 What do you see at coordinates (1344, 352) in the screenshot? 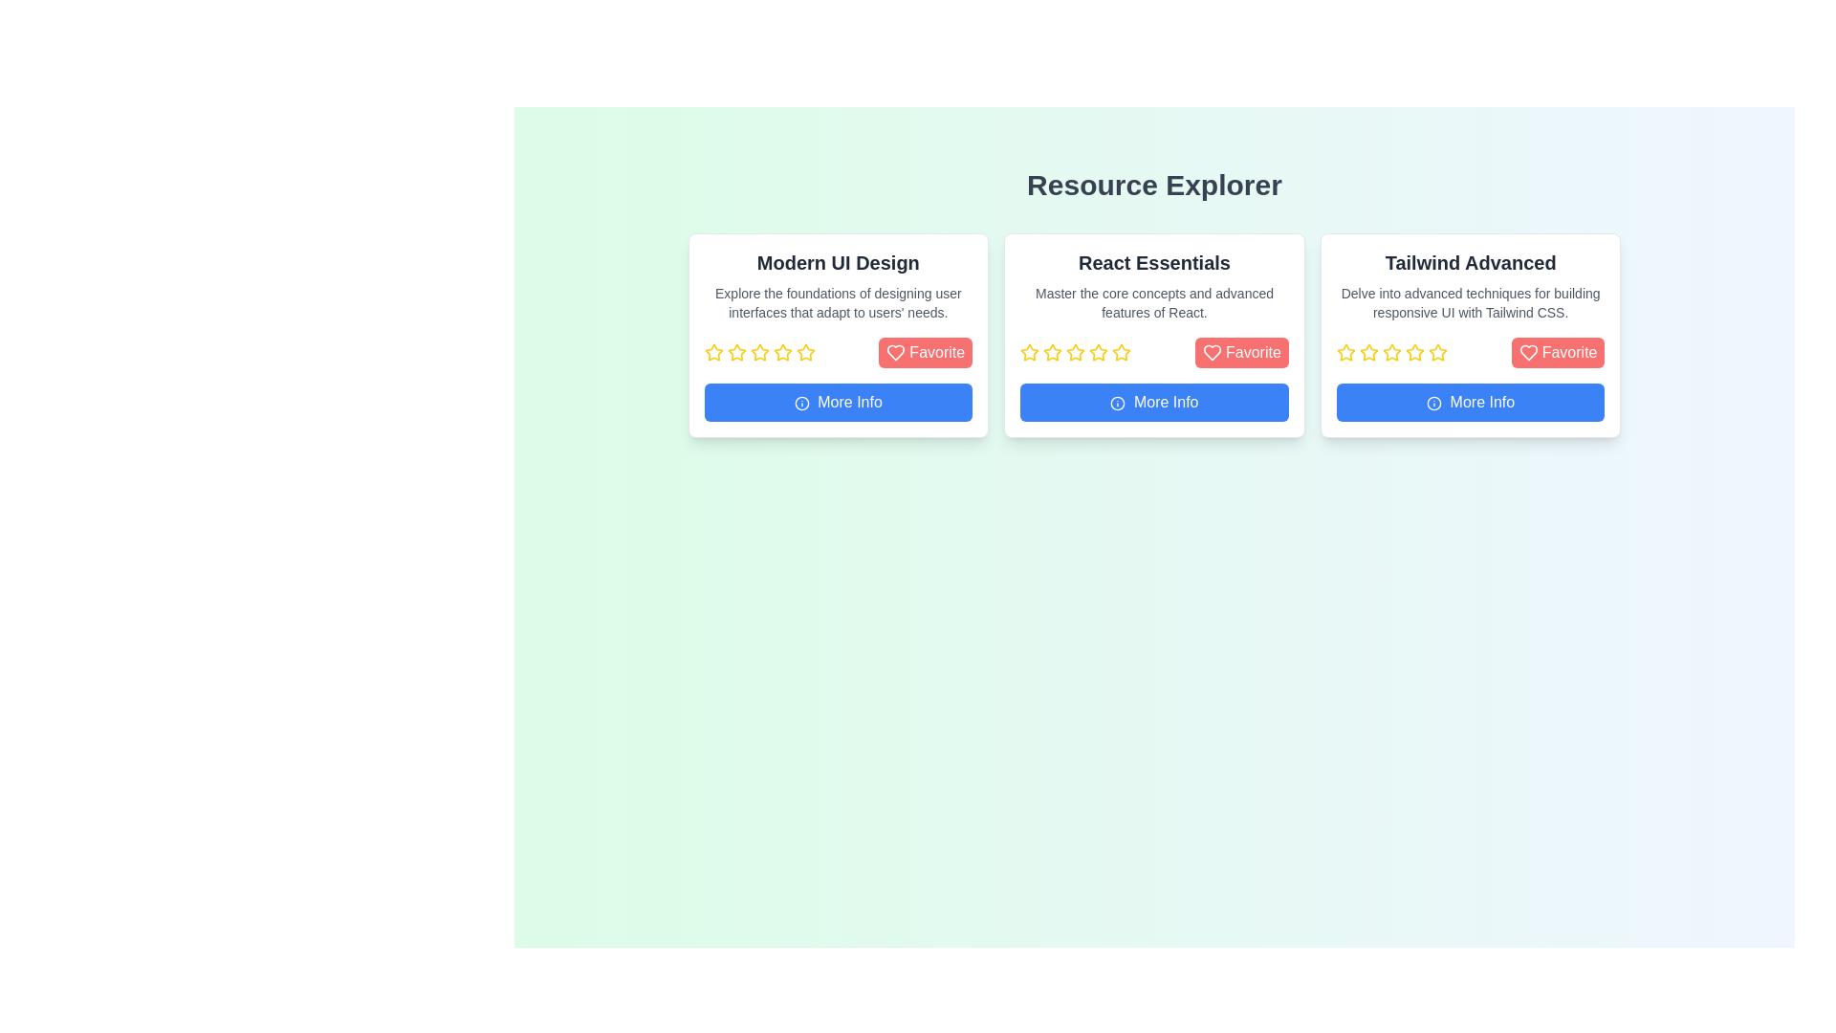
I see `the first rating star in the 'Tailwind Advanced' card to set a one-star rating` at bounding box center [1344, 352].